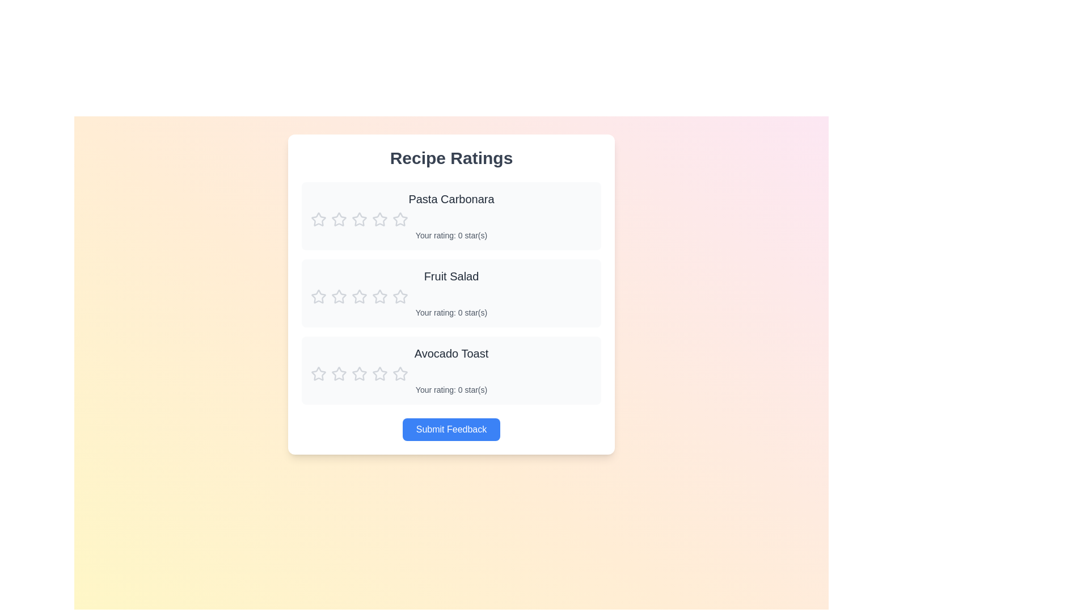 Image resolution: width=1089 pixels, height=613 pixels. What do you see at coordinates (380, 219) in the screenshot?
I see `the third star icon in the 'Recipe Ratings' card labeled 'Pasta Carbonara' to provide a rating` at bounding box center [380, 219].